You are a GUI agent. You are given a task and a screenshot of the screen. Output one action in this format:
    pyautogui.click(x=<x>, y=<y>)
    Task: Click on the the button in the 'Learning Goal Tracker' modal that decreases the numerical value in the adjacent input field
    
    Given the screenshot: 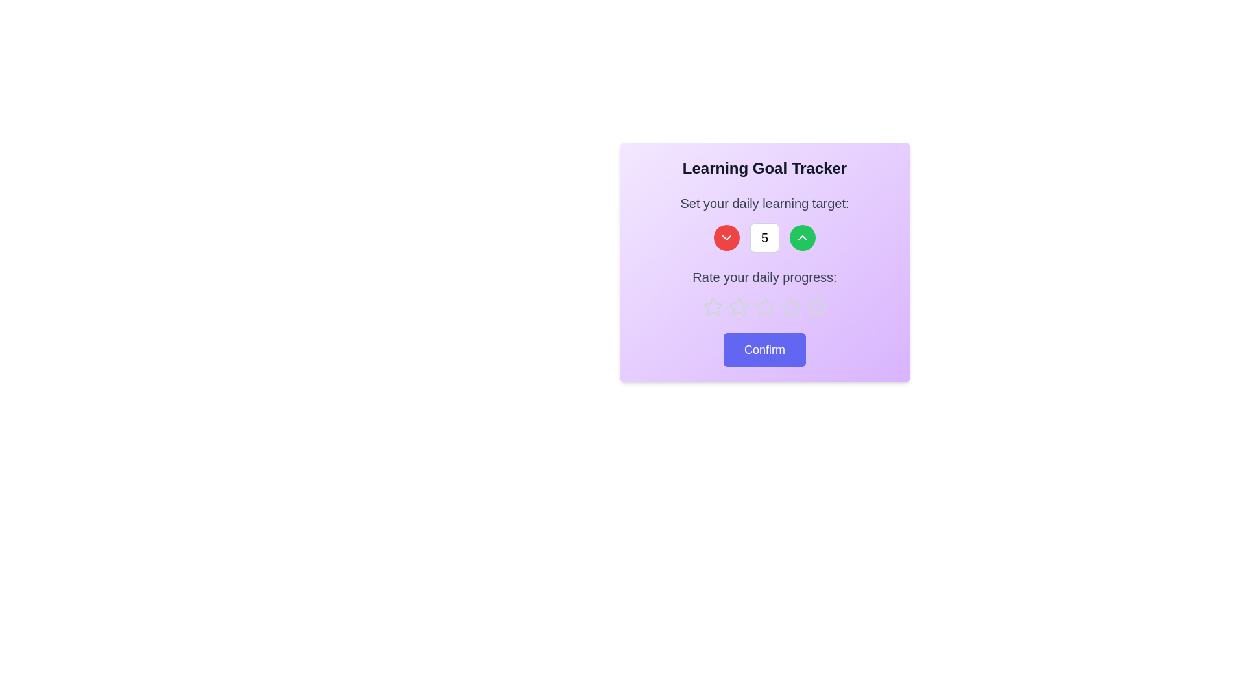 What is the action you would take?
    pyautogui.click(x=726, y=237)
    